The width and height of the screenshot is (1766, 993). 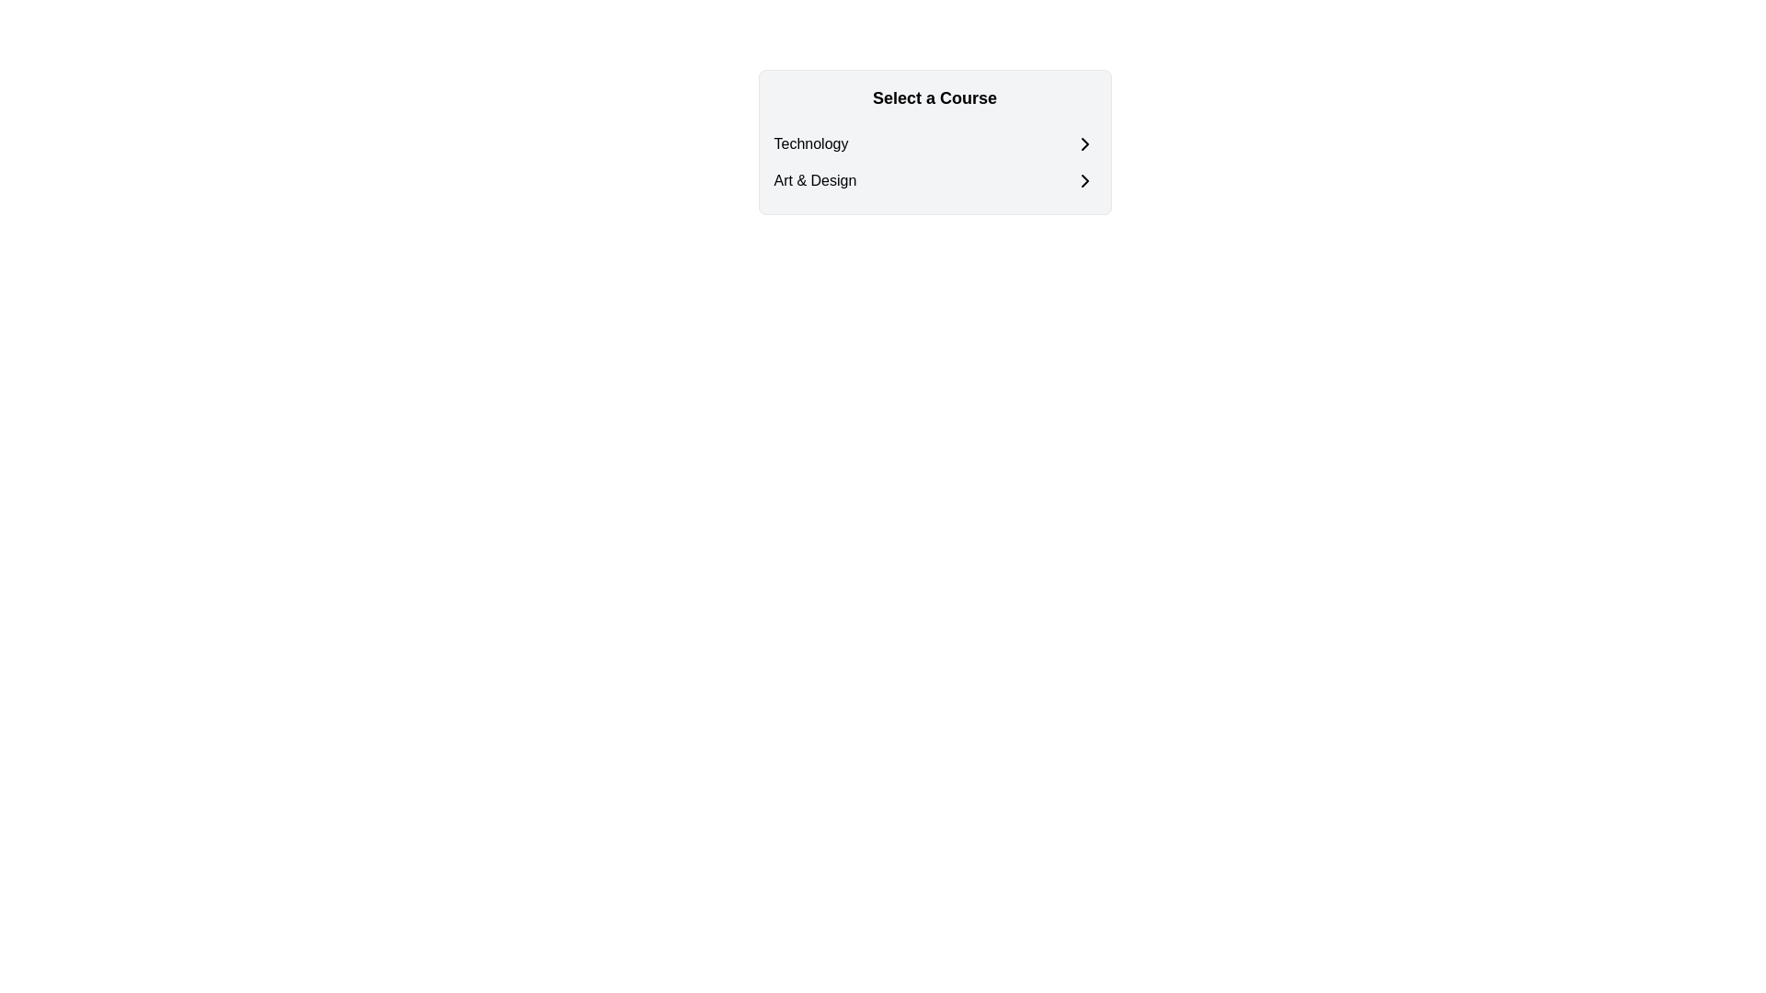 I want to click on the SVG right-arrow icon located below the 'Technology' label, so click(x=1084, y=143).